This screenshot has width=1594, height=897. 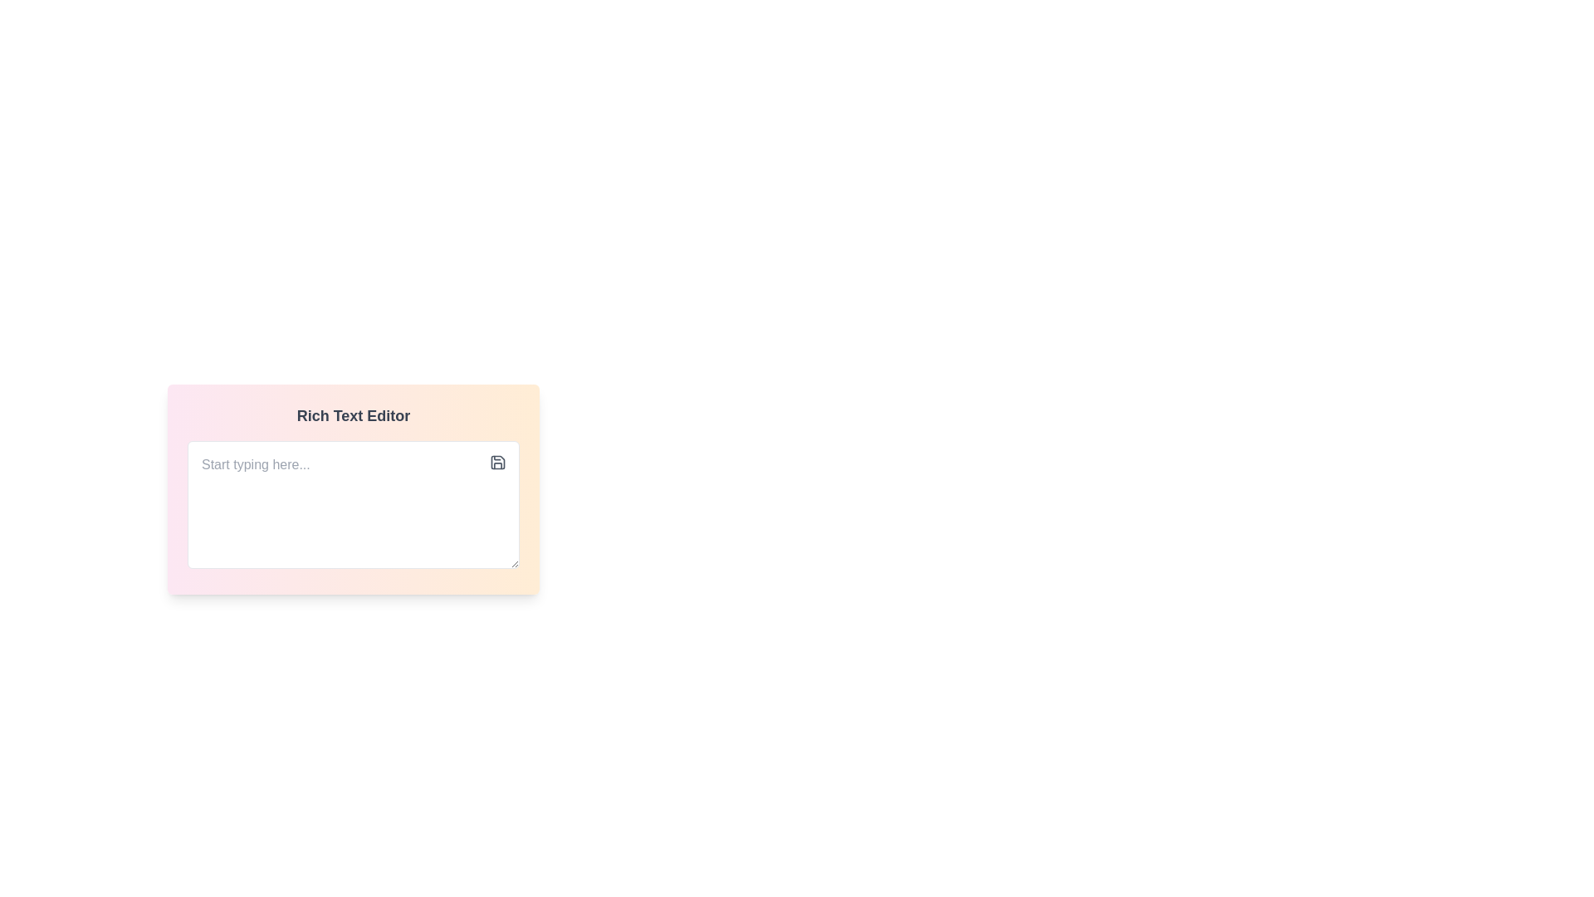 What do you see at coordinates (497, 462) in the screenshot?
I see `the save icon button located at the upper-right corner of the text editor` at bounding box center [497, 462].